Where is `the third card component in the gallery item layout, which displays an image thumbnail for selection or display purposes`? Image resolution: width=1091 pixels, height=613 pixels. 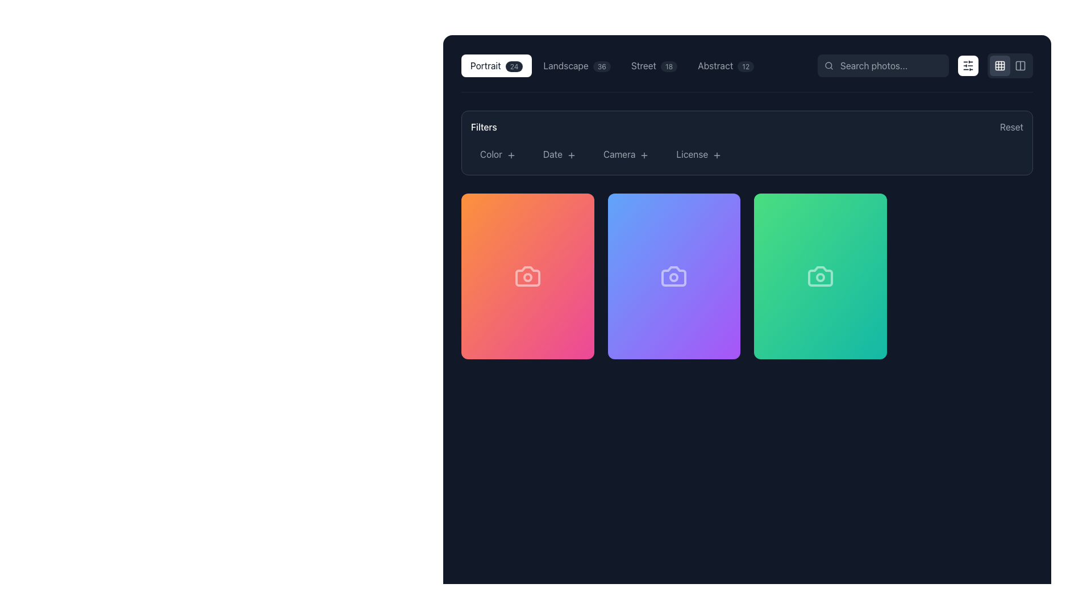 the third card component in the gallery item layout, which displays an image thumbnail for selection or display purposes is located at coordinates (820, 276).